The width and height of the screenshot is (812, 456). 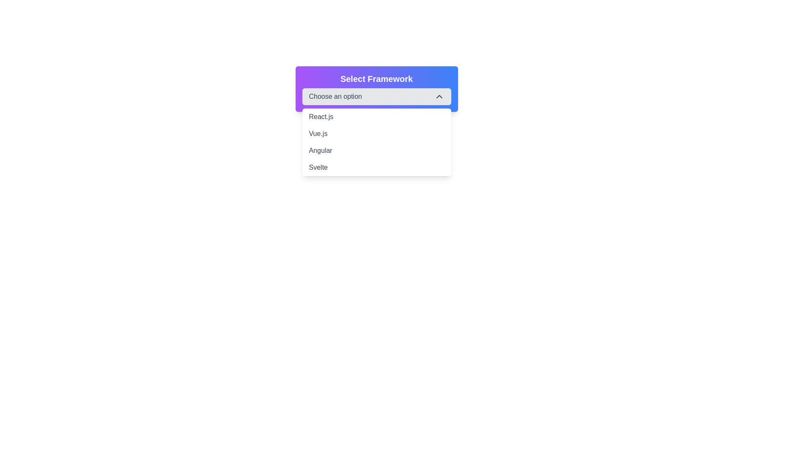 What do you see at coordinates (376, 89) in the screenshot?
I see `the Dropdown menu labeled 'Select Framework'` at bounding box center [376, 89].